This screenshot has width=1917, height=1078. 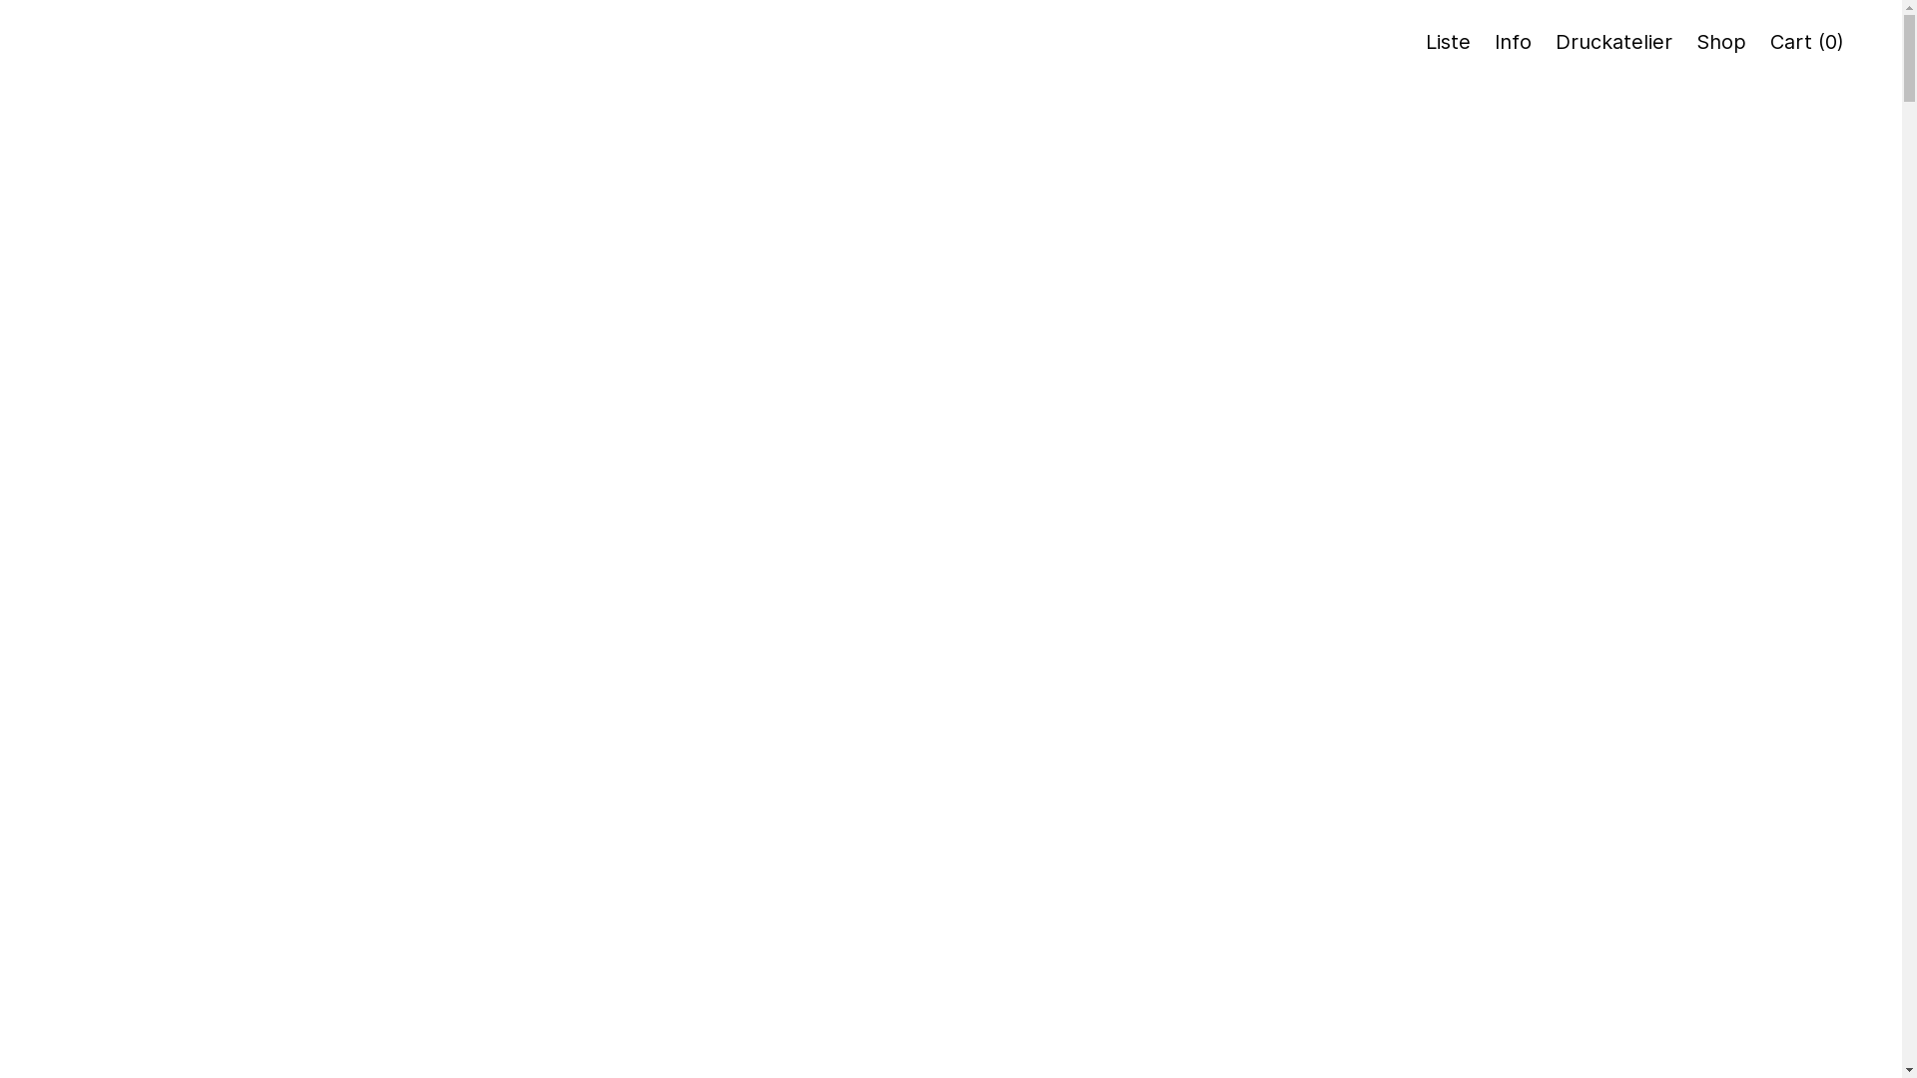 I want to click on 'Druckatelier', so click(x=1613, y=42).